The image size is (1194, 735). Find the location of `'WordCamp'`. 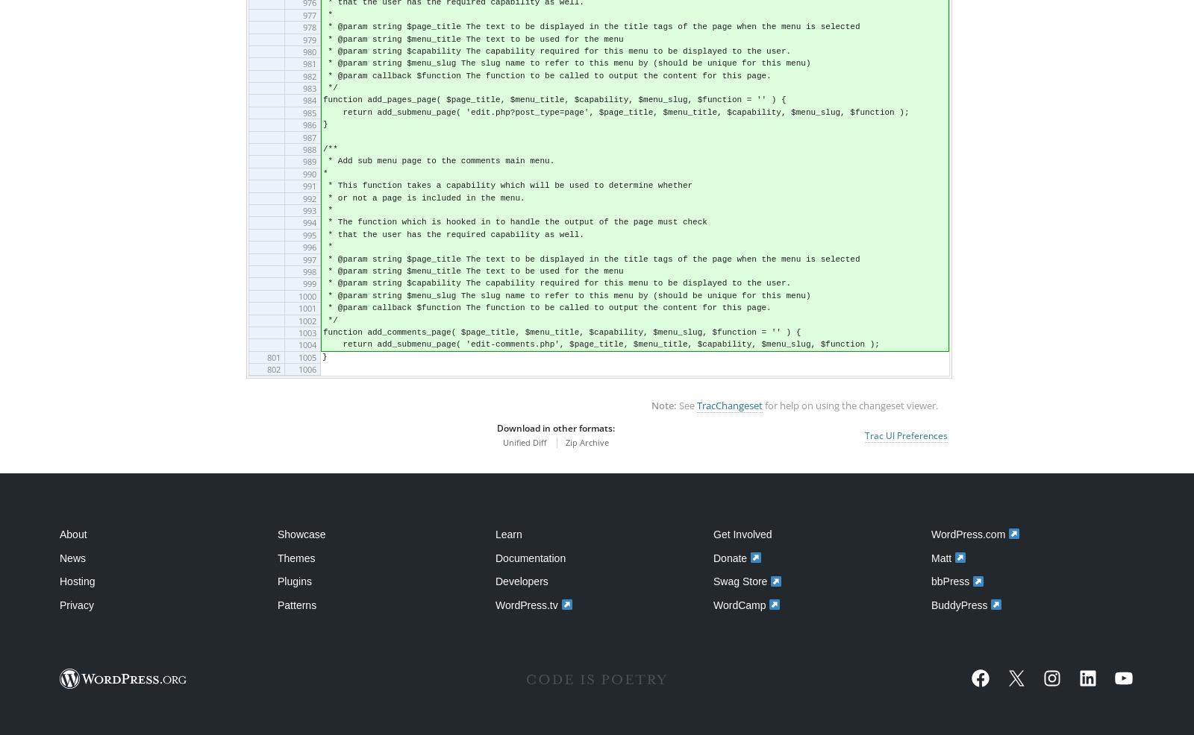

'WordCamp' is located at coordinates (740, 604).